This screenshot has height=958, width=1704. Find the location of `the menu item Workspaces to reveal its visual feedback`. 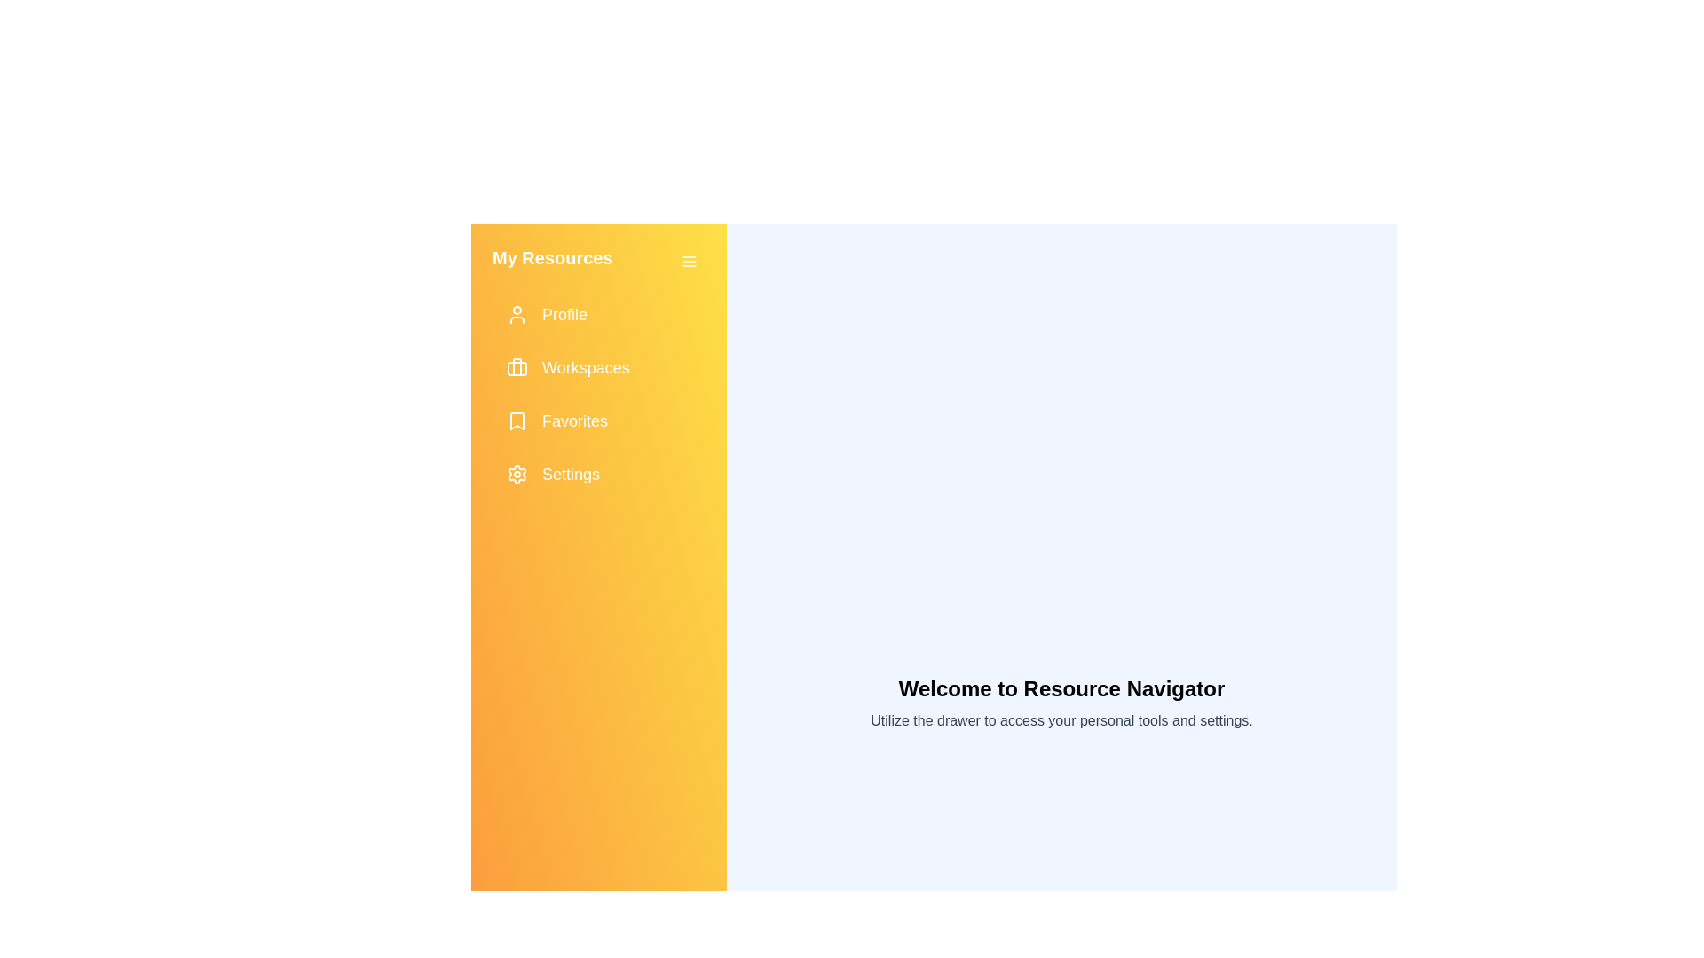

the menu item Workspaces to reveal its visual feedback is located at coordinates (599, 367).